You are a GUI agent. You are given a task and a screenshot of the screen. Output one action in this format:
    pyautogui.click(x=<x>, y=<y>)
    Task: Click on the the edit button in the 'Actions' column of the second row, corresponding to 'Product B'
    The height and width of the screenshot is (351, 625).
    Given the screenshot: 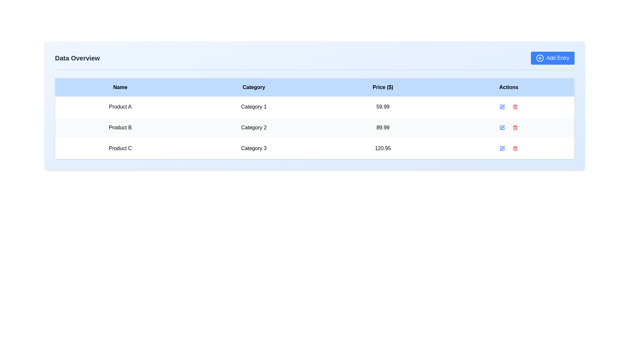 What is the action you would take?
    pyautogui.click(x=502, y=128)
    